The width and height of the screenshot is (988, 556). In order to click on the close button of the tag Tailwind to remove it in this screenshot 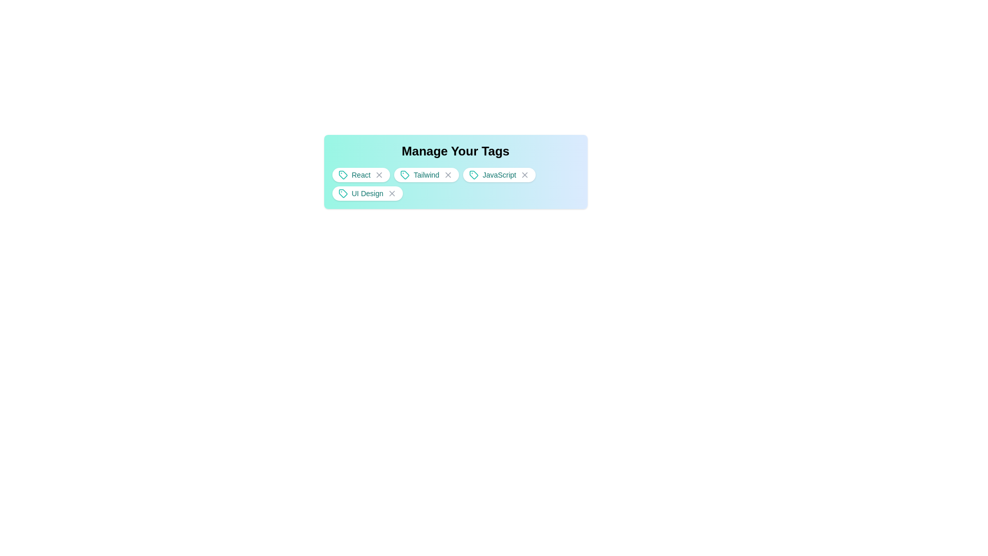, I will do `click(446, 174)`.